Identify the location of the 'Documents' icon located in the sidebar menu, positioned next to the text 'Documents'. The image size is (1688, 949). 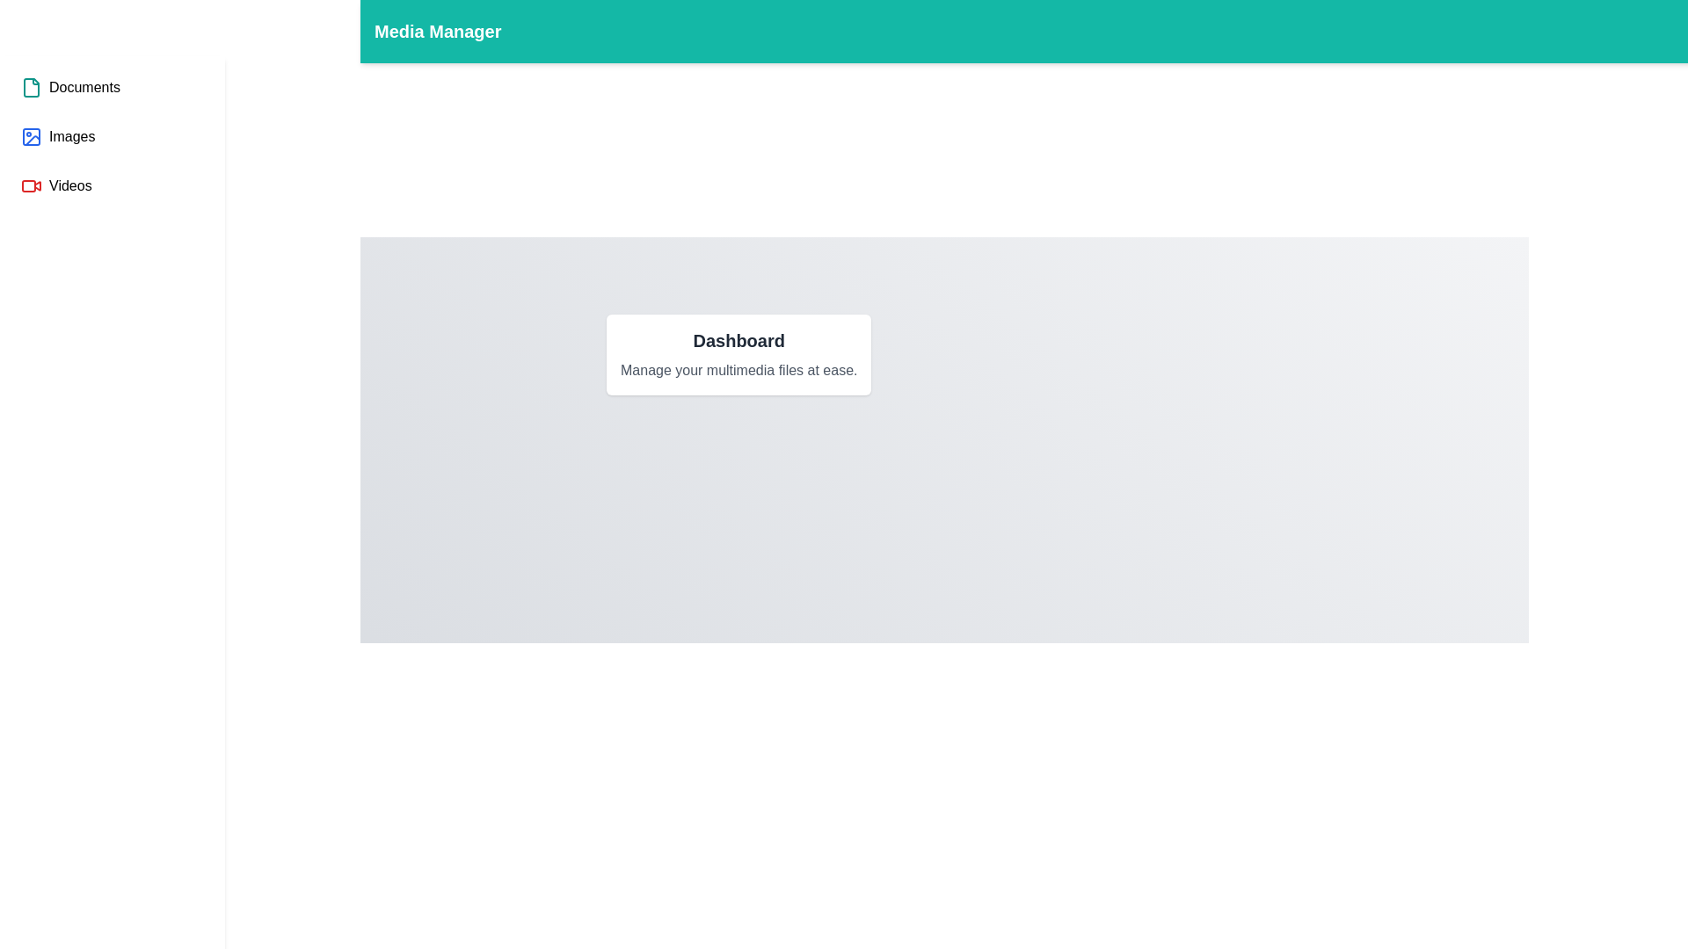
(31, 88).